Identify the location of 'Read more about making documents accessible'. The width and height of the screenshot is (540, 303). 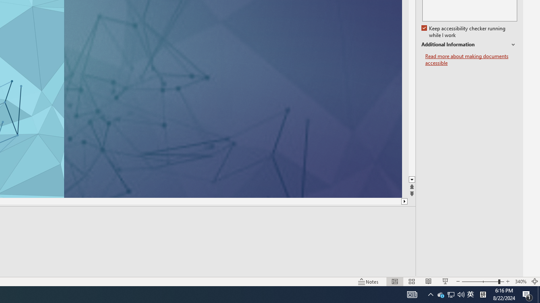
(471, 59).